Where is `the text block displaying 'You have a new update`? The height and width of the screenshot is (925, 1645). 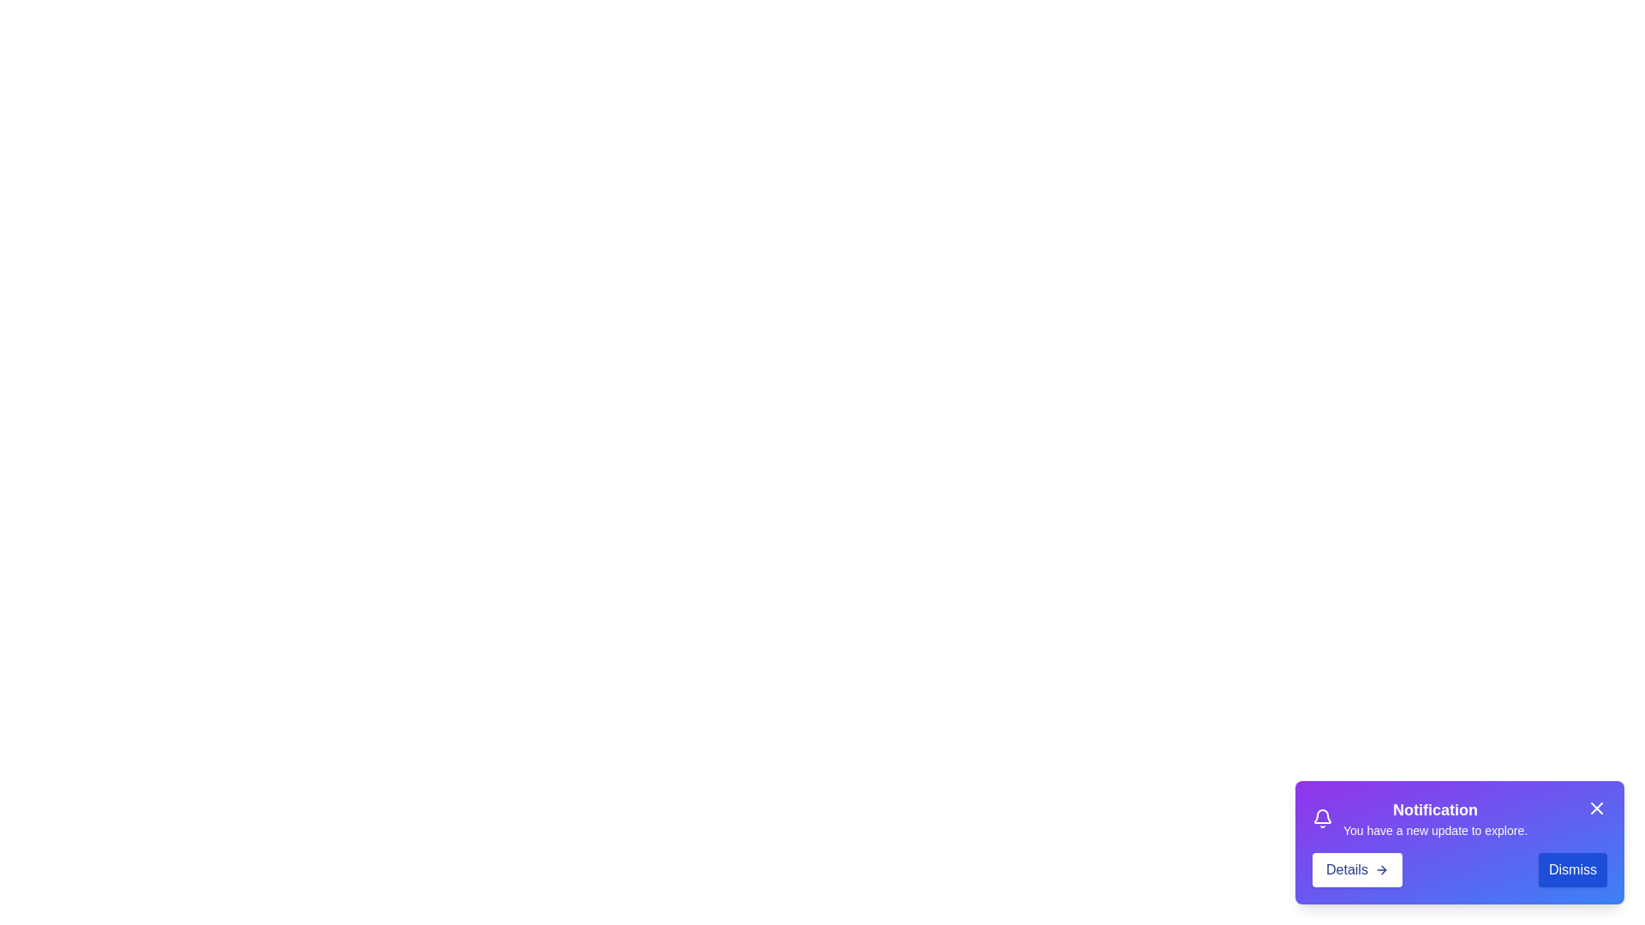 the text block displaying 'You have a new update is located at coordinates (1435, 829).